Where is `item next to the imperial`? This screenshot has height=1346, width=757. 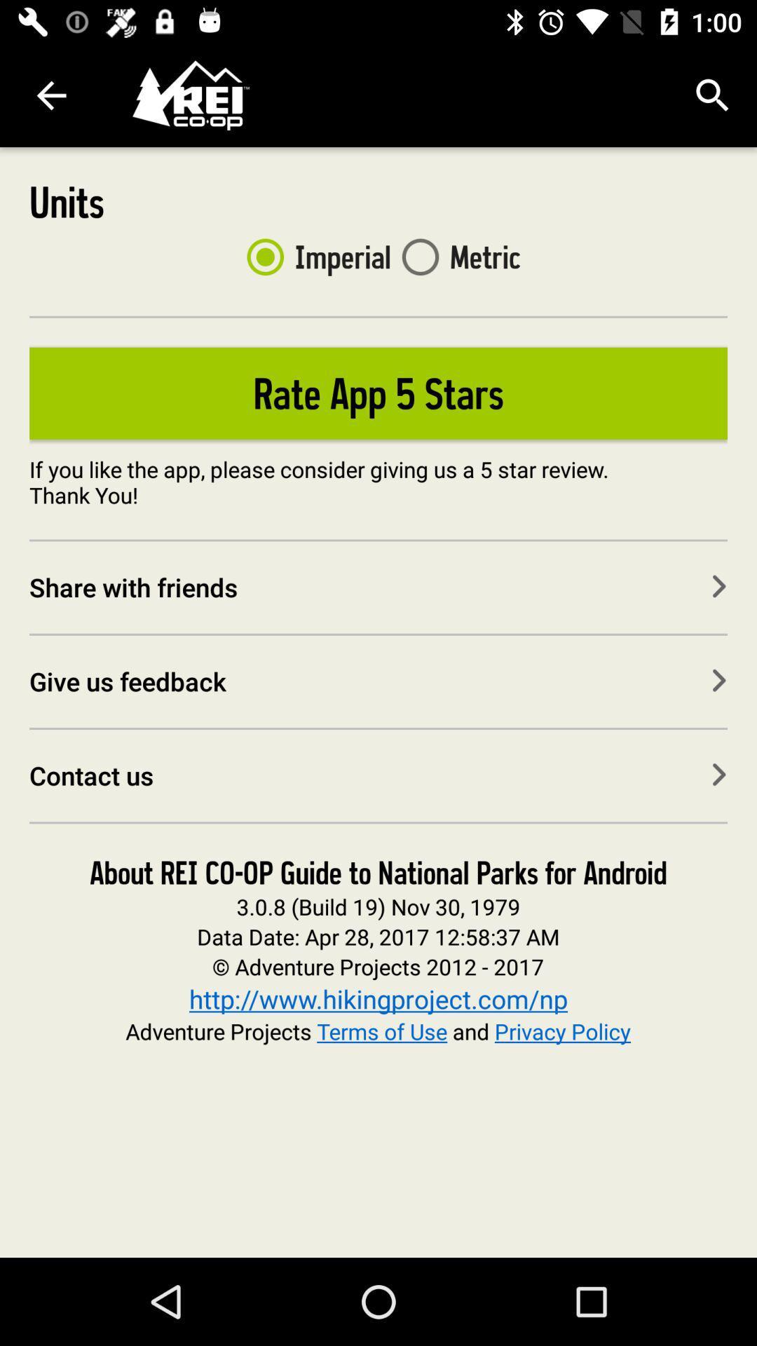 item next to the imperial is located at coordinates (456, 257).